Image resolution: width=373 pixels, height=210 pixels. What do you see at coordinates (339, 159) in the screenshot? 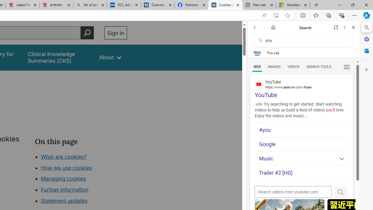
I see `'Show More Music'` at bounding box center [339, 159].